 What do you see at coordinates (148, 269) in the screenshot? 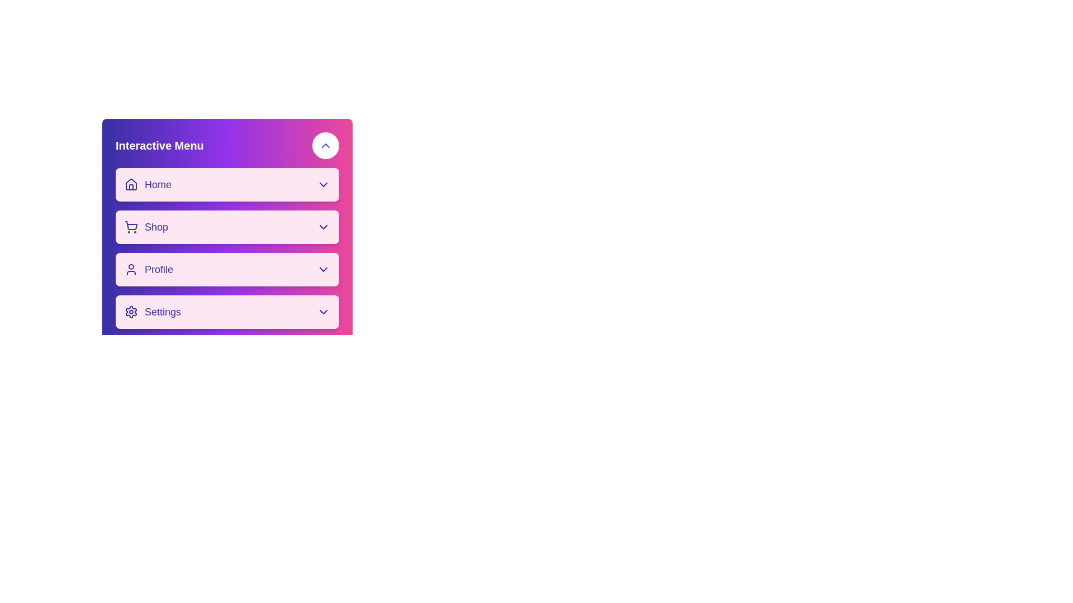
I see `the 'Profile' menu item, which features a user profile icon and is the third option in the vertical menu list, located between 'Shop' and 'Settings'` at bounding box center [148, 269].